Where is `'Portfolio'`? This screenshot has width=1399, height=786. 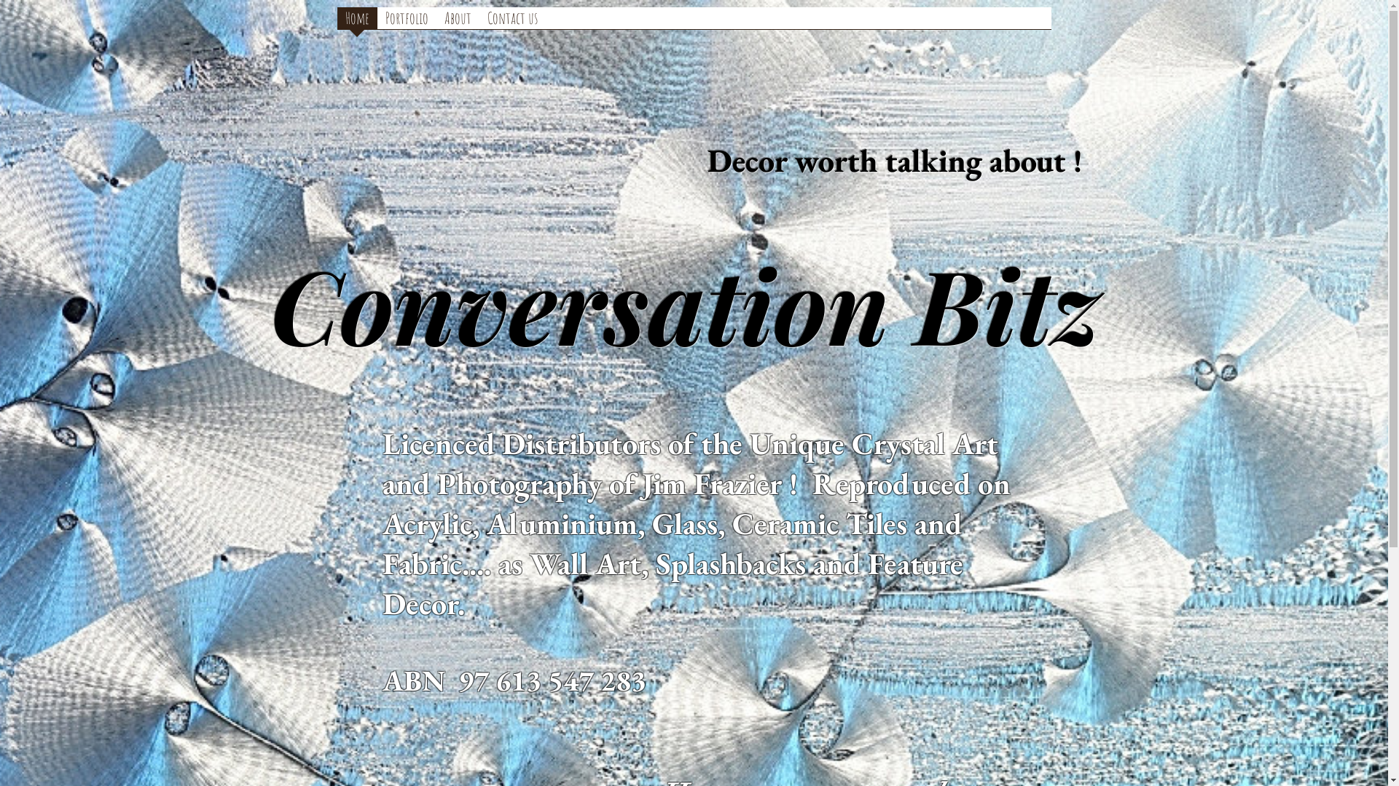
'Portfolio' is located at coordinates (407, 19).